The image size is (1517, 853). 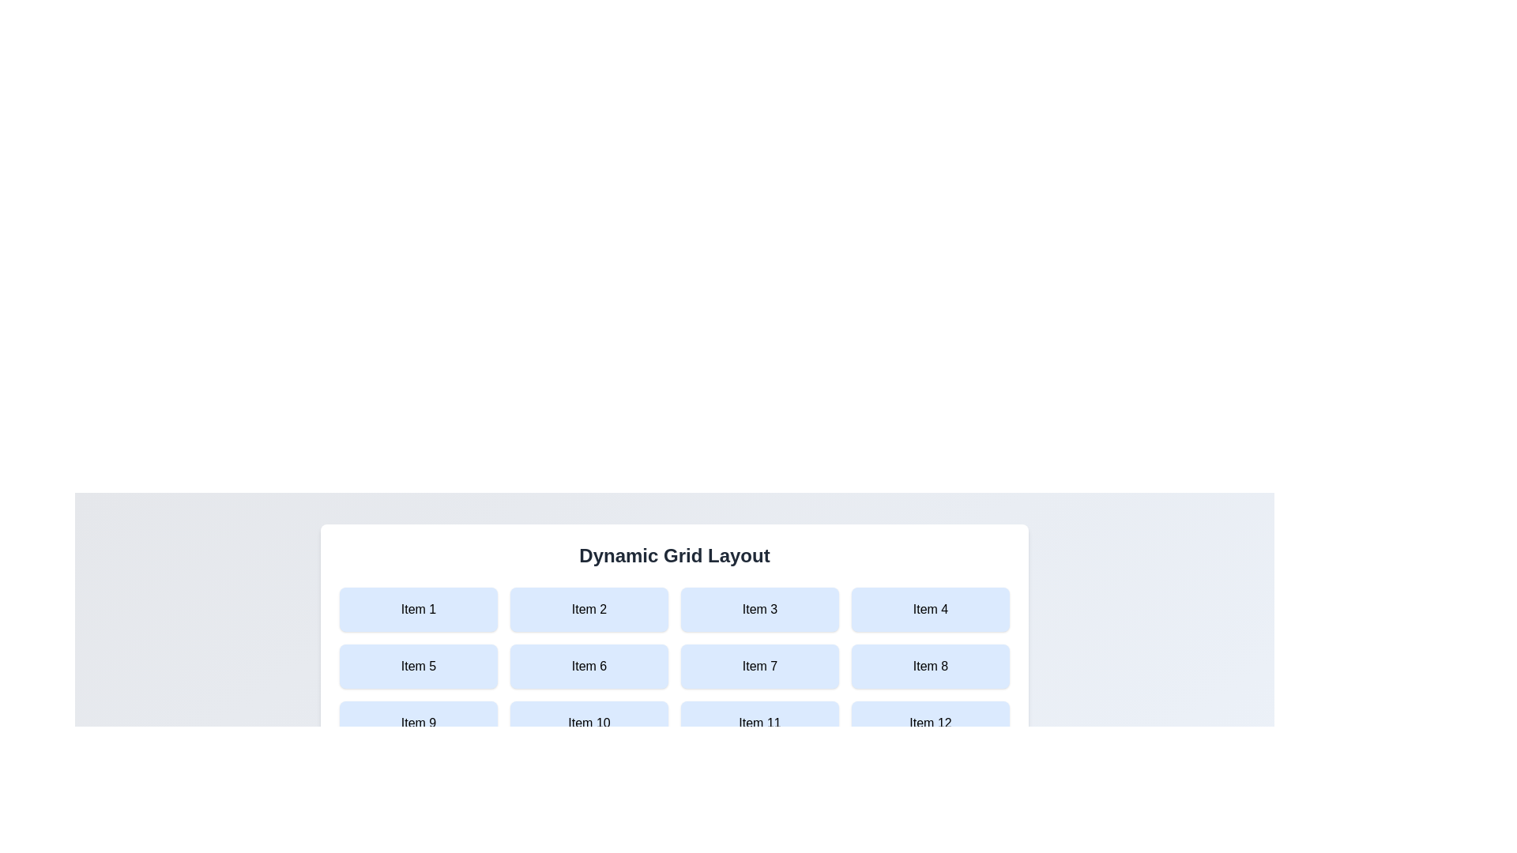 I want to click on the grid item located in the second row and third column, positioned between 'Item 6' and 'Item 8', so click(x=759, y=667).